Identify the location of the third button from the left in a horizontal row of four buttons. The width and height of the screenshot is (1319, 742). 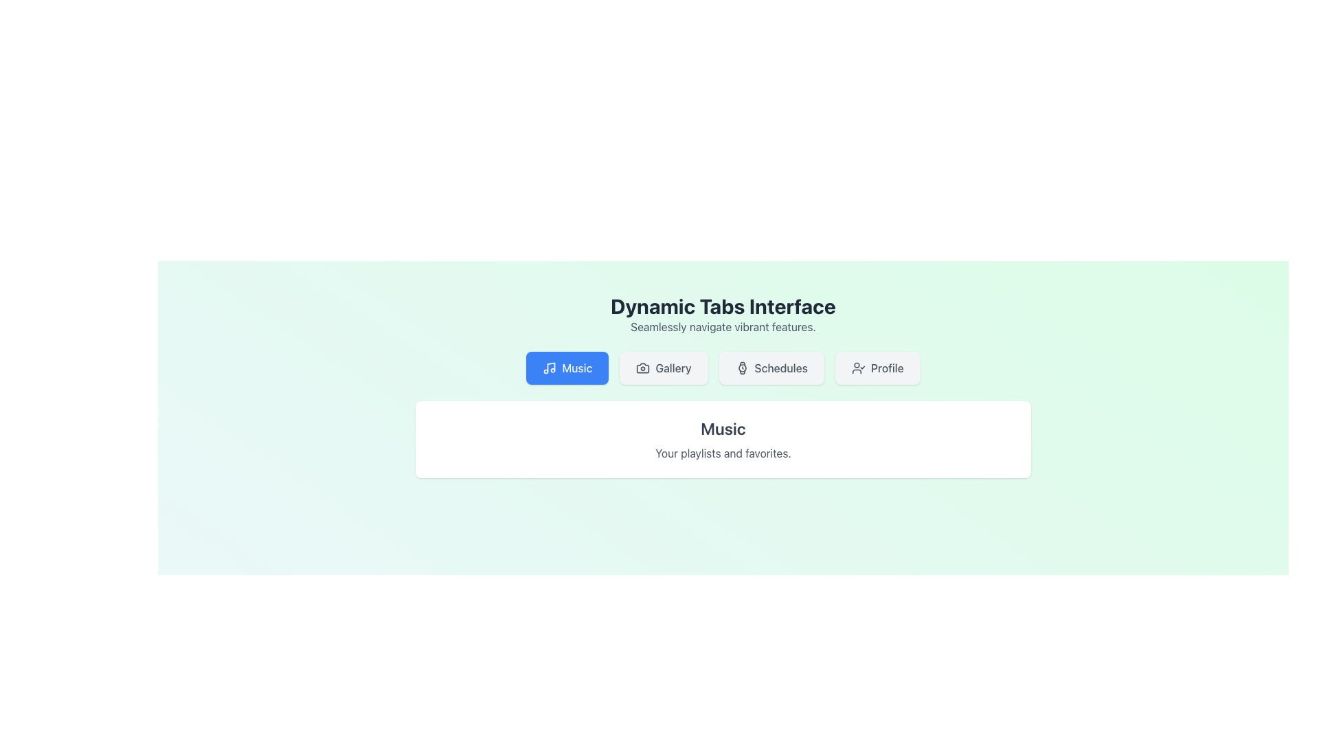
(771, 368).